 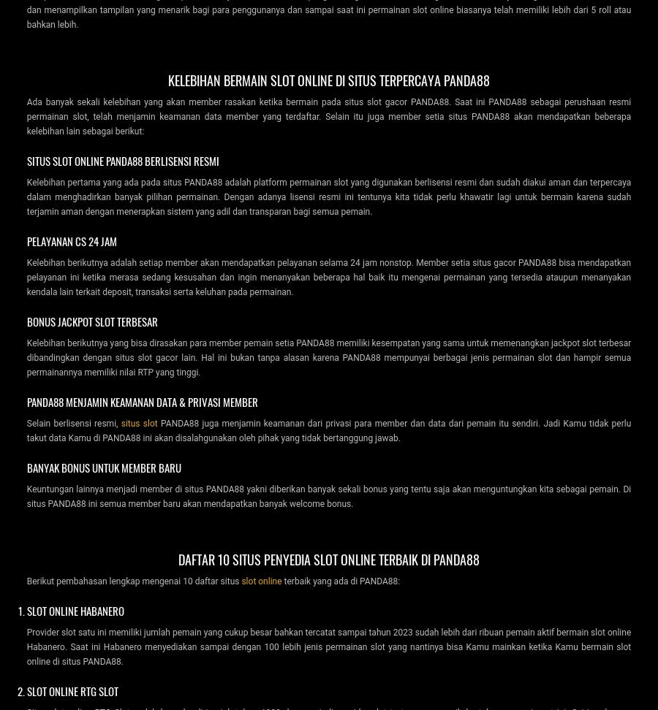 What do you see at coordinates (26, 400) in the screenshot?
I see `'PANDA88 Menjamin Keamanan Data & Privasi Member'` at bounding box center [26, 400].